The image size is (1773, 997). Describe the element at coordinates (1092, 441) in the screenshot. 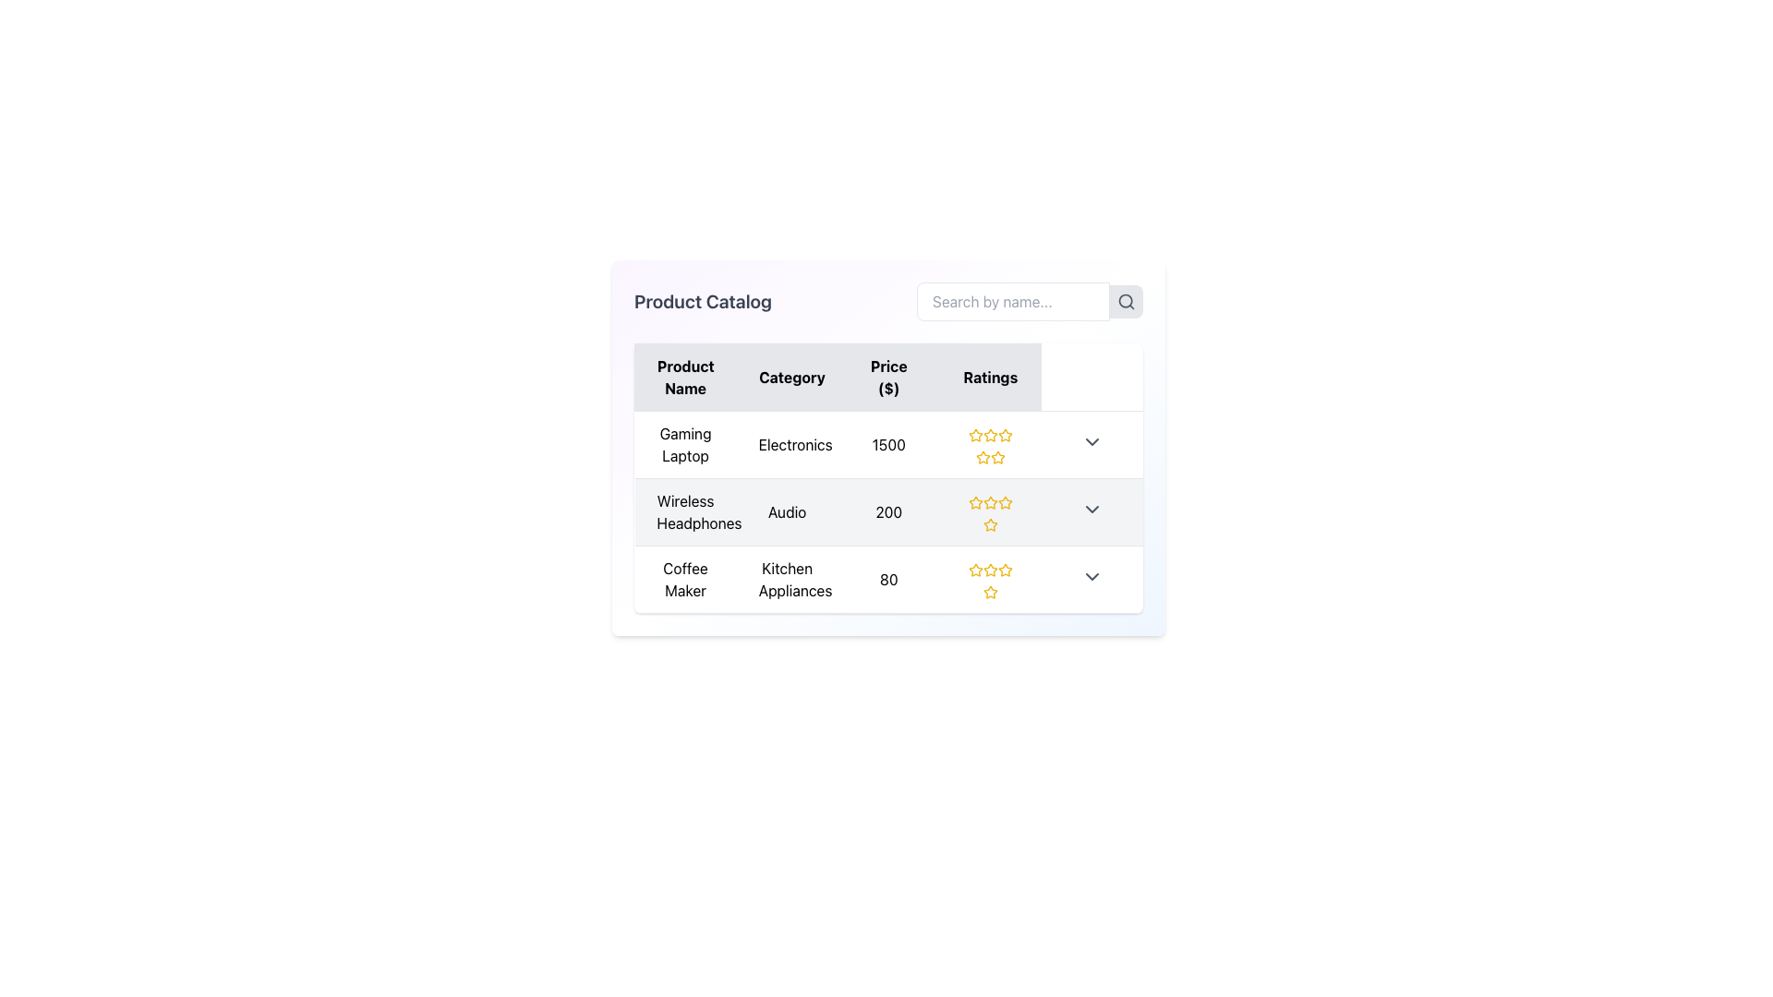

I see `the downward-facing chevron icon in the ratings column of the first row for the 'Gaming Laptop' product` at that location.